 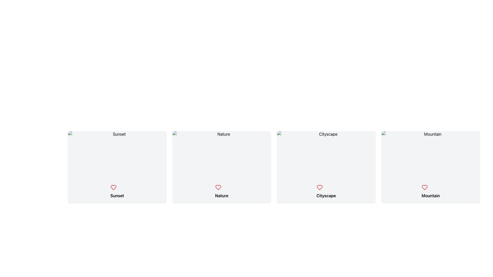 What do you see at coordinates (117, 196) in the screenshot?
I see `the text label at the bottom of the card structure on the left side of the horizontal list` at bounding box center [117, 196].